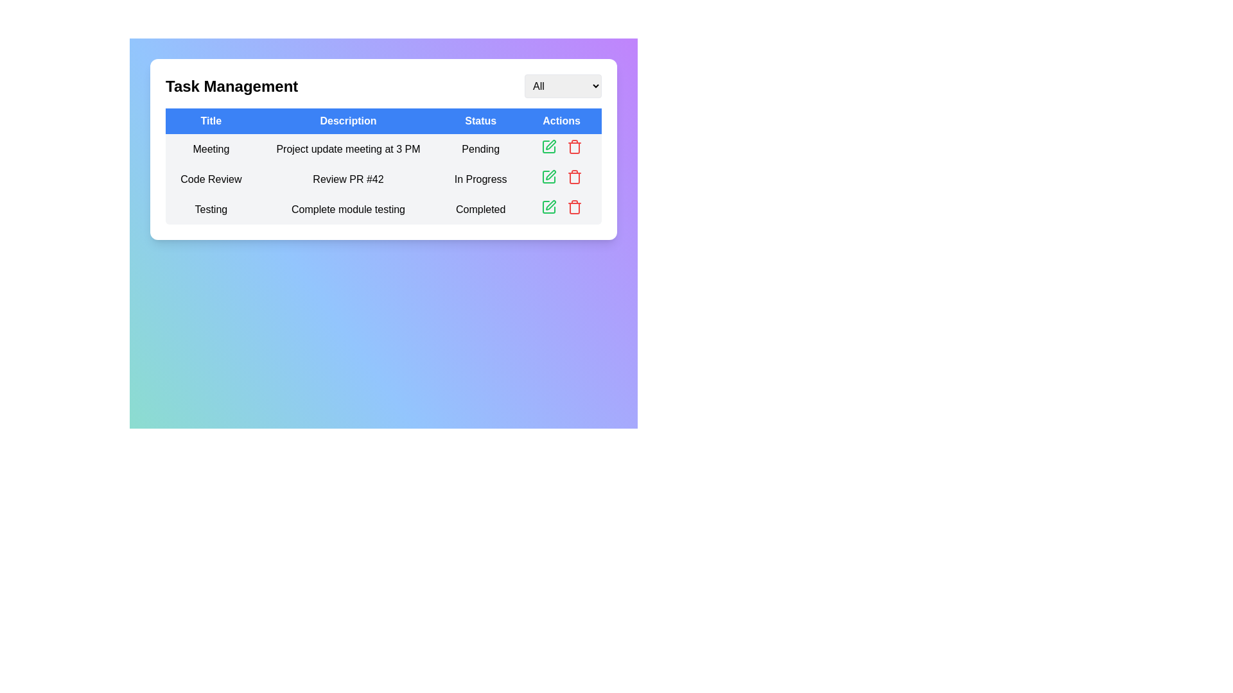 This screenshot has height=693, width=1233. What do you see at coordinates (573, 177) in the screenshot?
I see `the delete button icon for the 'Code Review' task, which is the second action icon in the actions column of the second row` at bounding box center [573, 177].